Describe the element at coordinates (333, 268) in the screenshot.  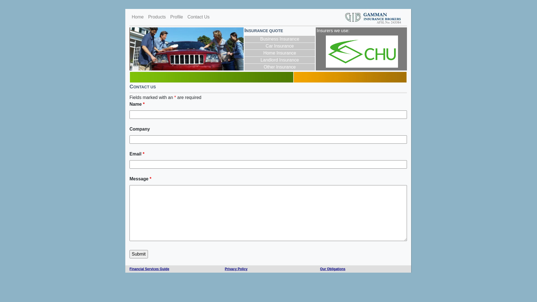
I see `'Our Obligations'` at that location.